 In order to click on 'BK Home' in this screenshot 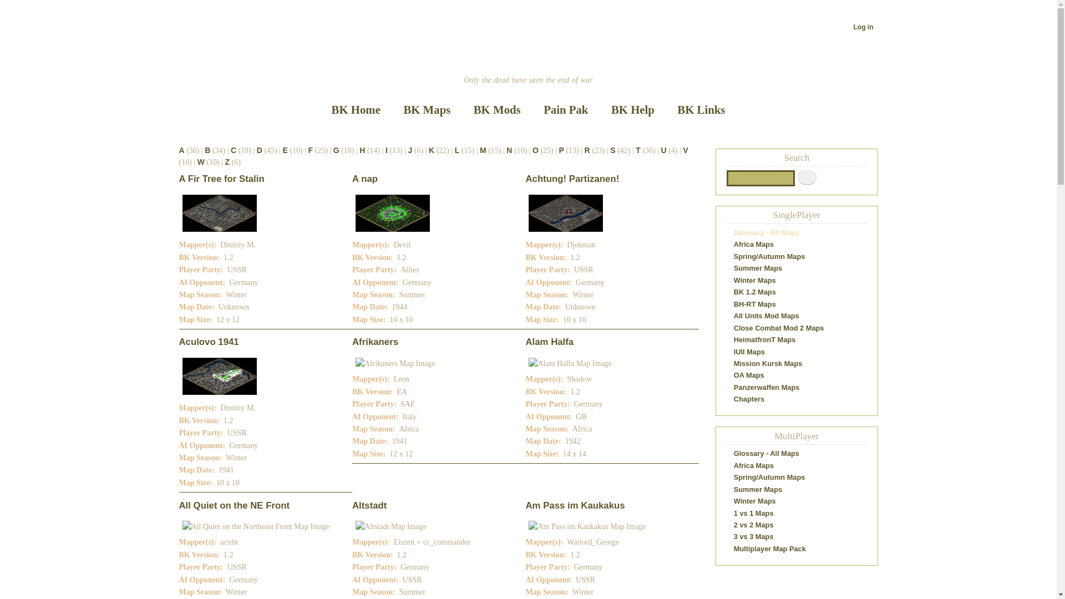, I will do `click(321, 109)`.